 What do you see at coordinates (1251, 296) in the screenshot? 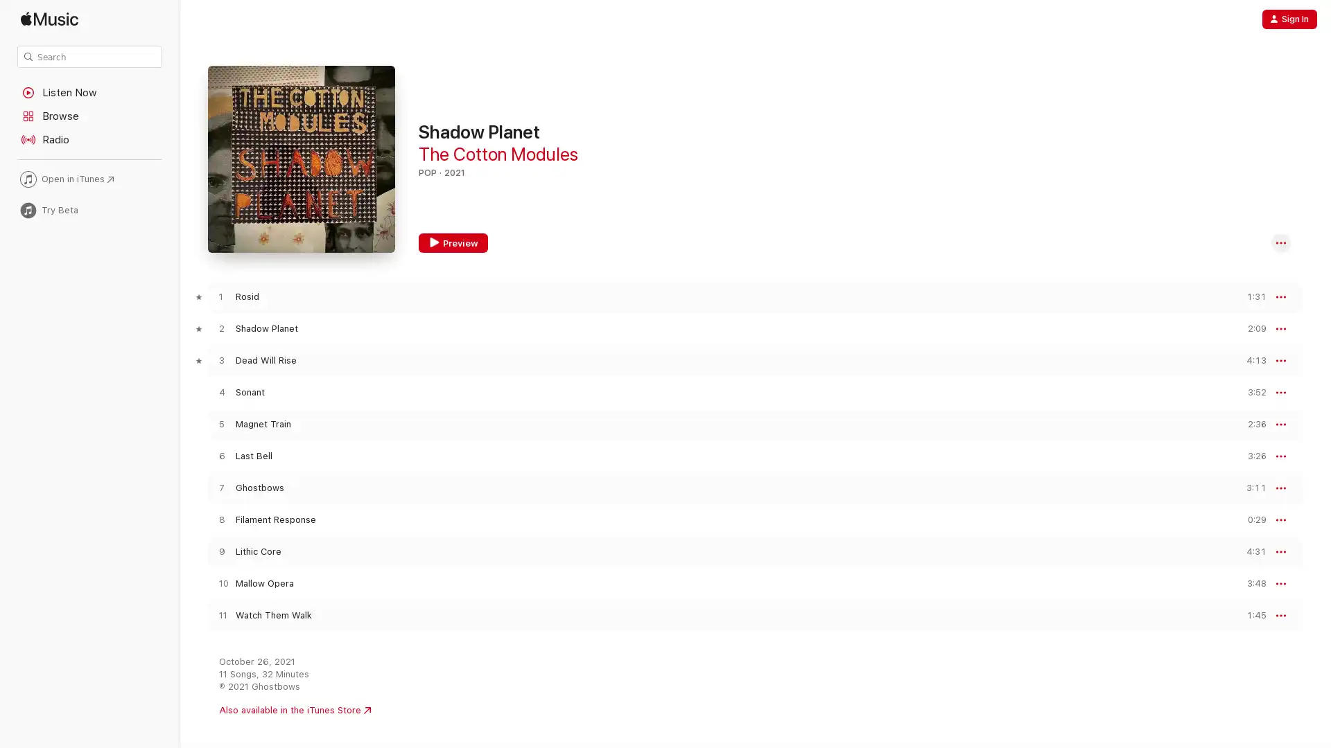
I see `Preview` at bounding box center [1251, 296].